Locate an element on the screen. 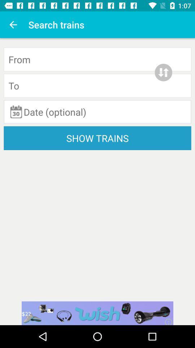  the swap icon is located at coordinates (163, 72).